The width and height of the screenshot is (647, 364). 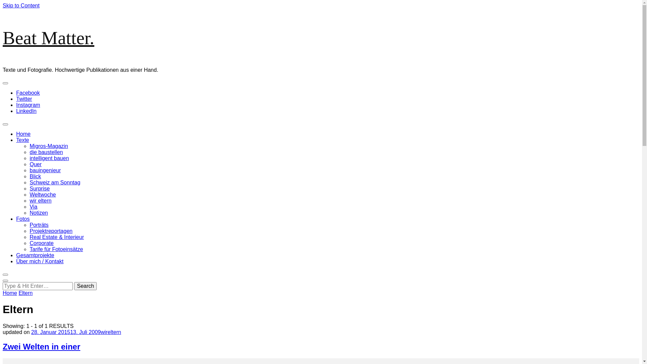 What do you see at coordinates (38, 213) in the screenshot?
I see `'Notizen'` at bounding box center [38, 213].